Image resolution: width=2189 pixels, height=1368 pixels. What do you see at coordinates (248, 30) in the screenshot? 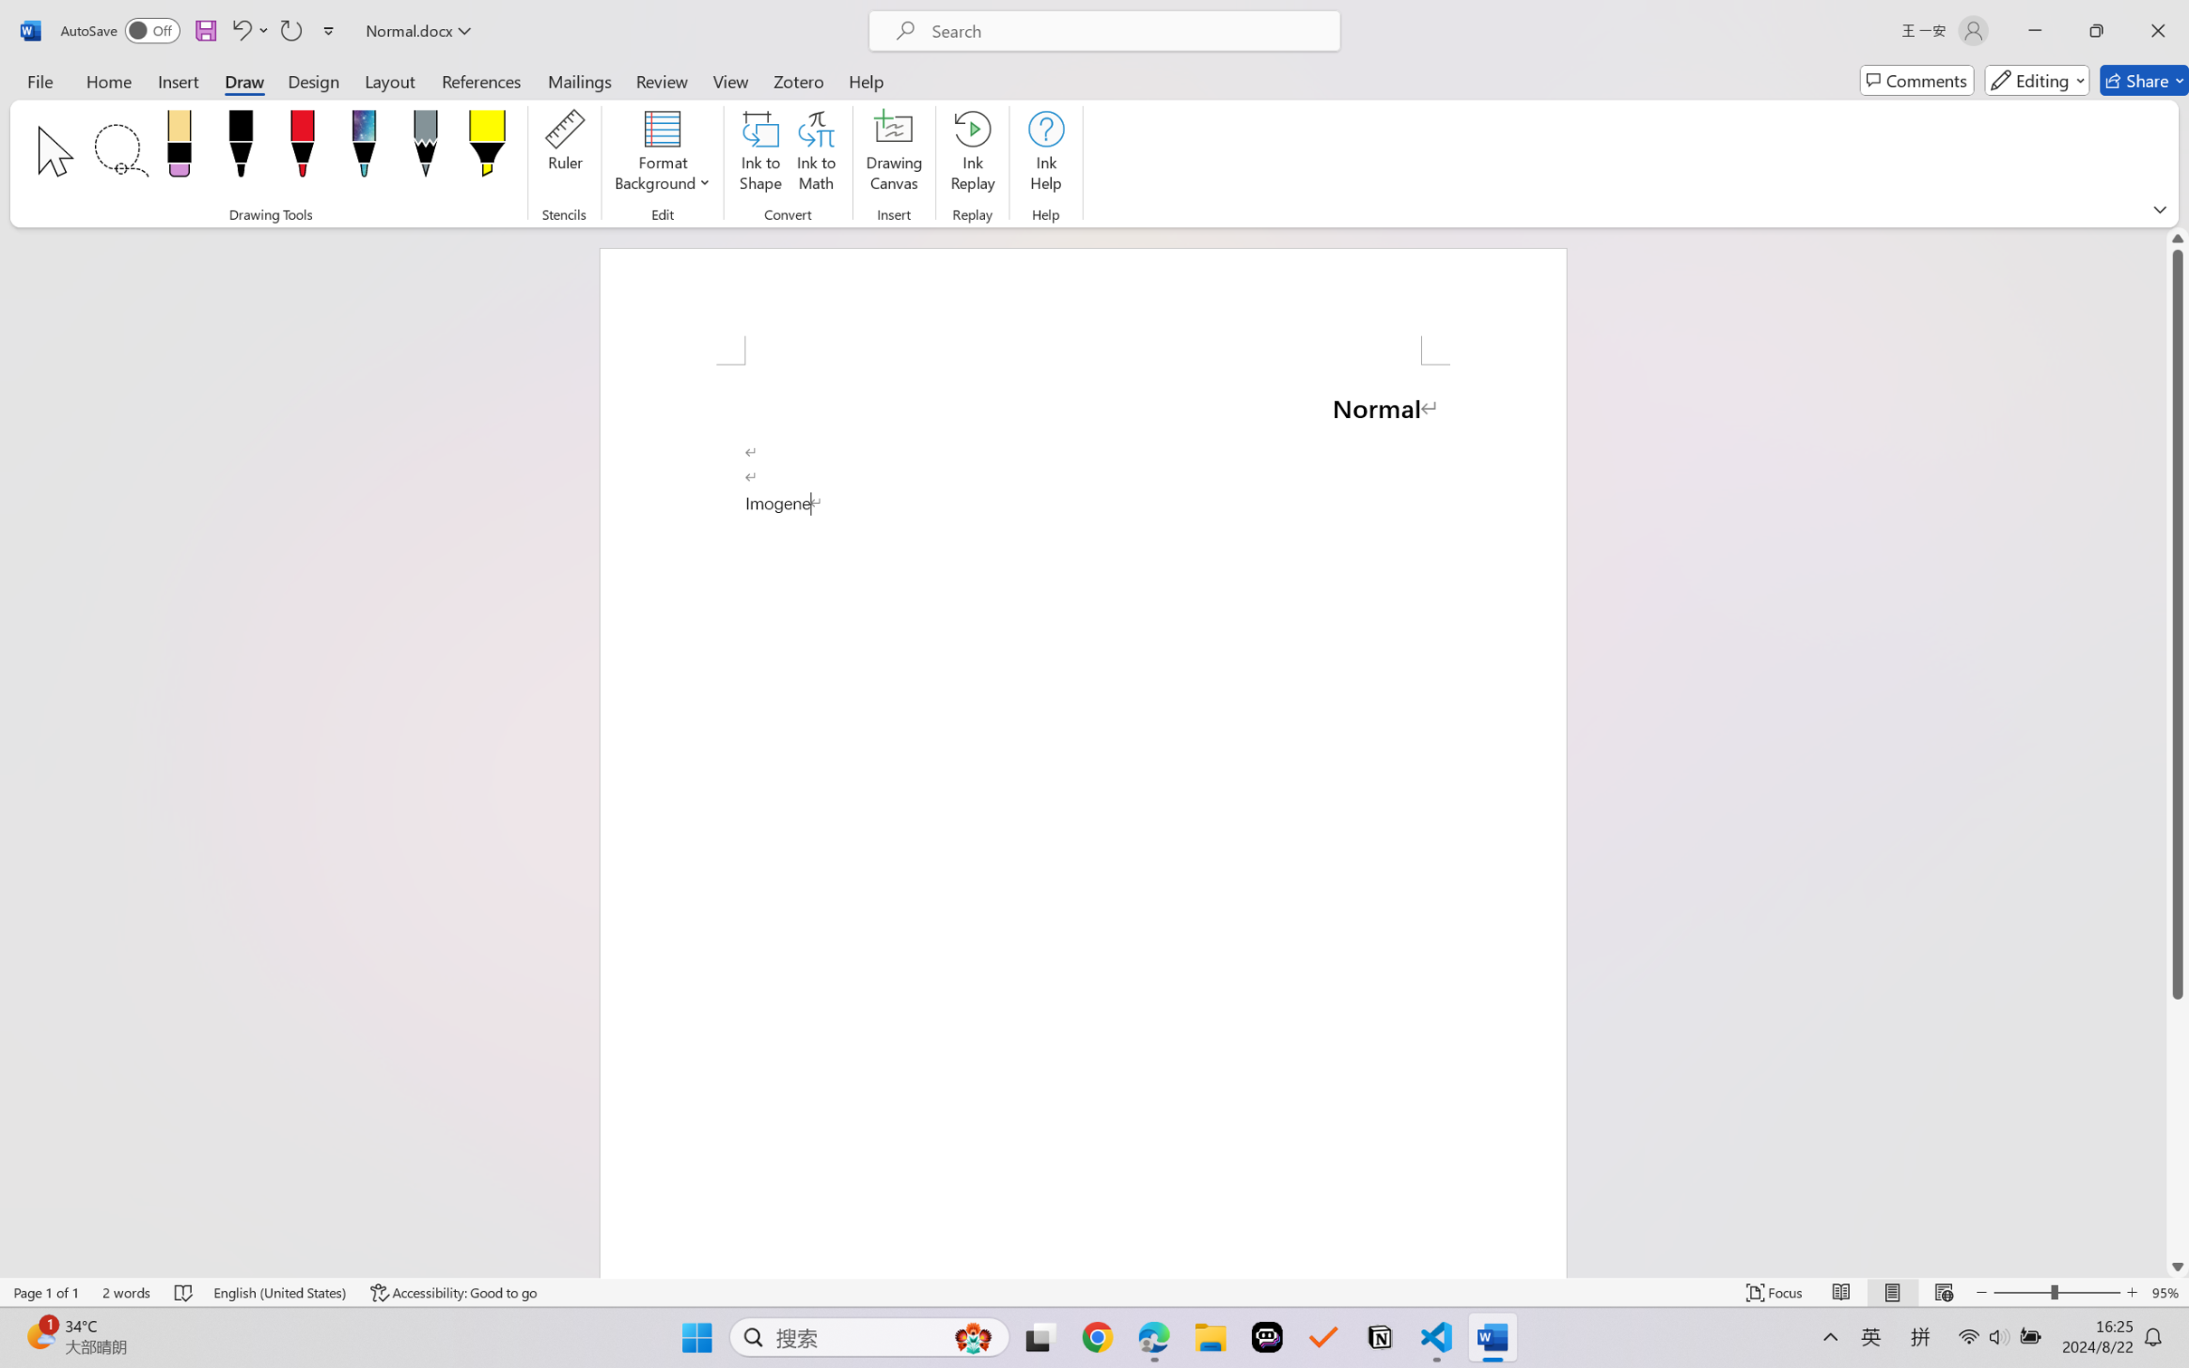
I see `'Undo Paragraph Formatting'` at bounding box center [248, 30].